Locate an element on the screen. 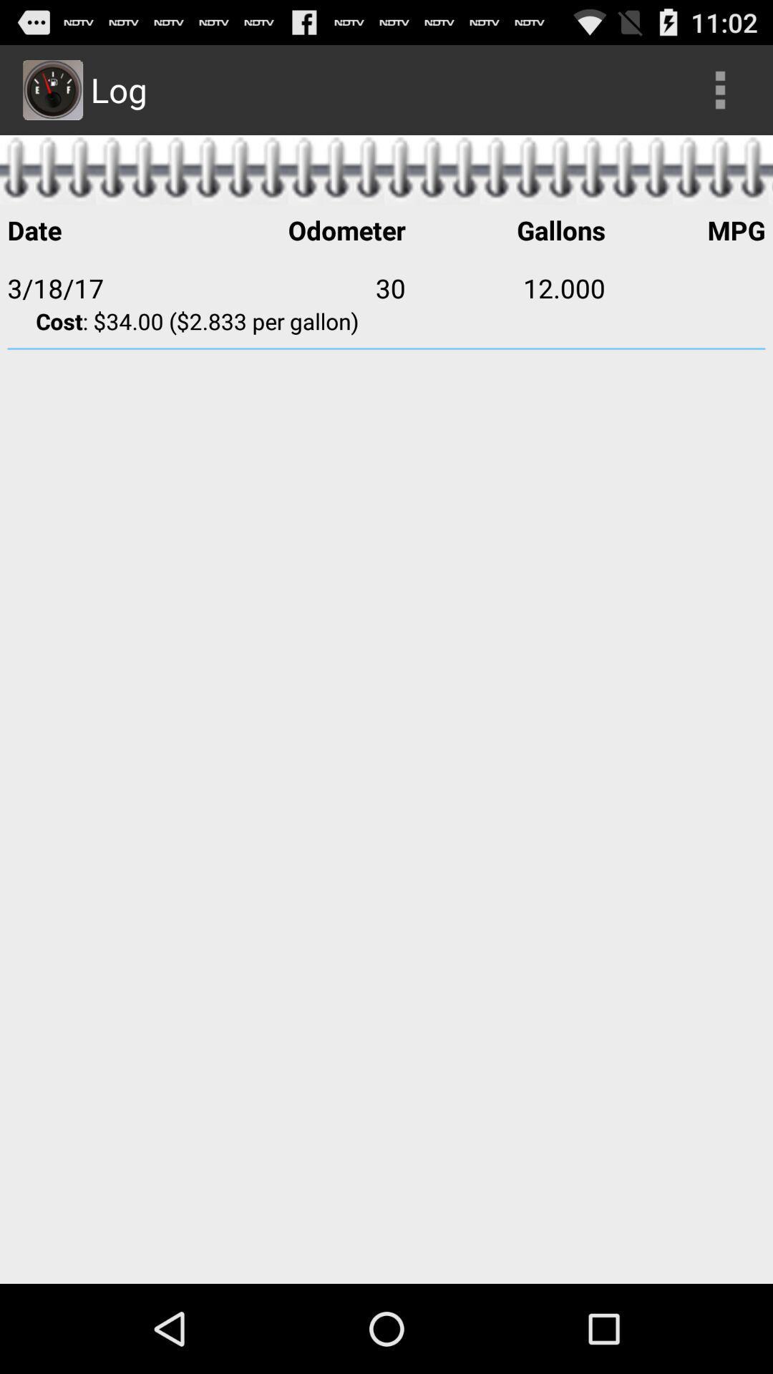 The height and width of the screenshot is (1374, 773). app below gallons app is located at coordinates (684, 287).